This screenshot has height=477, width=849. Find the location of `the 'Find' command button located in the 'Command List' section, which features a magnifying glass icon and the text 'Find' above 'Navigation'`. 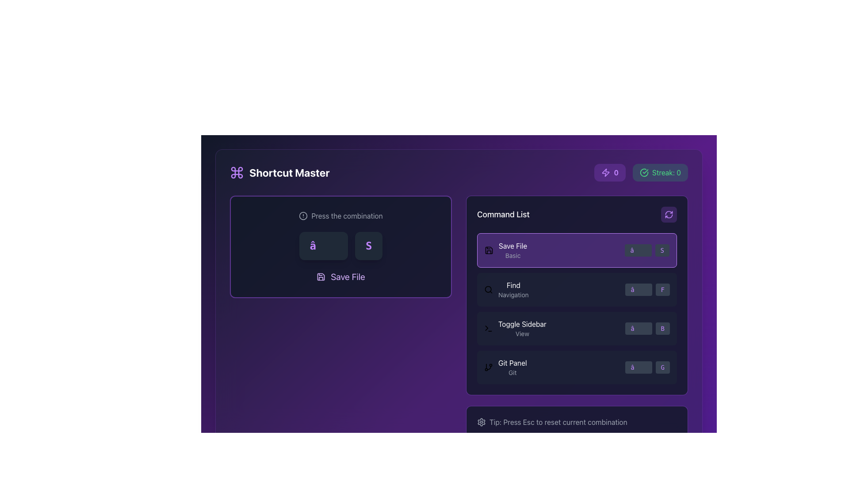

the 'Find' command button located in the 'Command List' section, which features a magnifying glass icon and the text 'Find' above 'Navigation' is located at coordinates (506, 289).